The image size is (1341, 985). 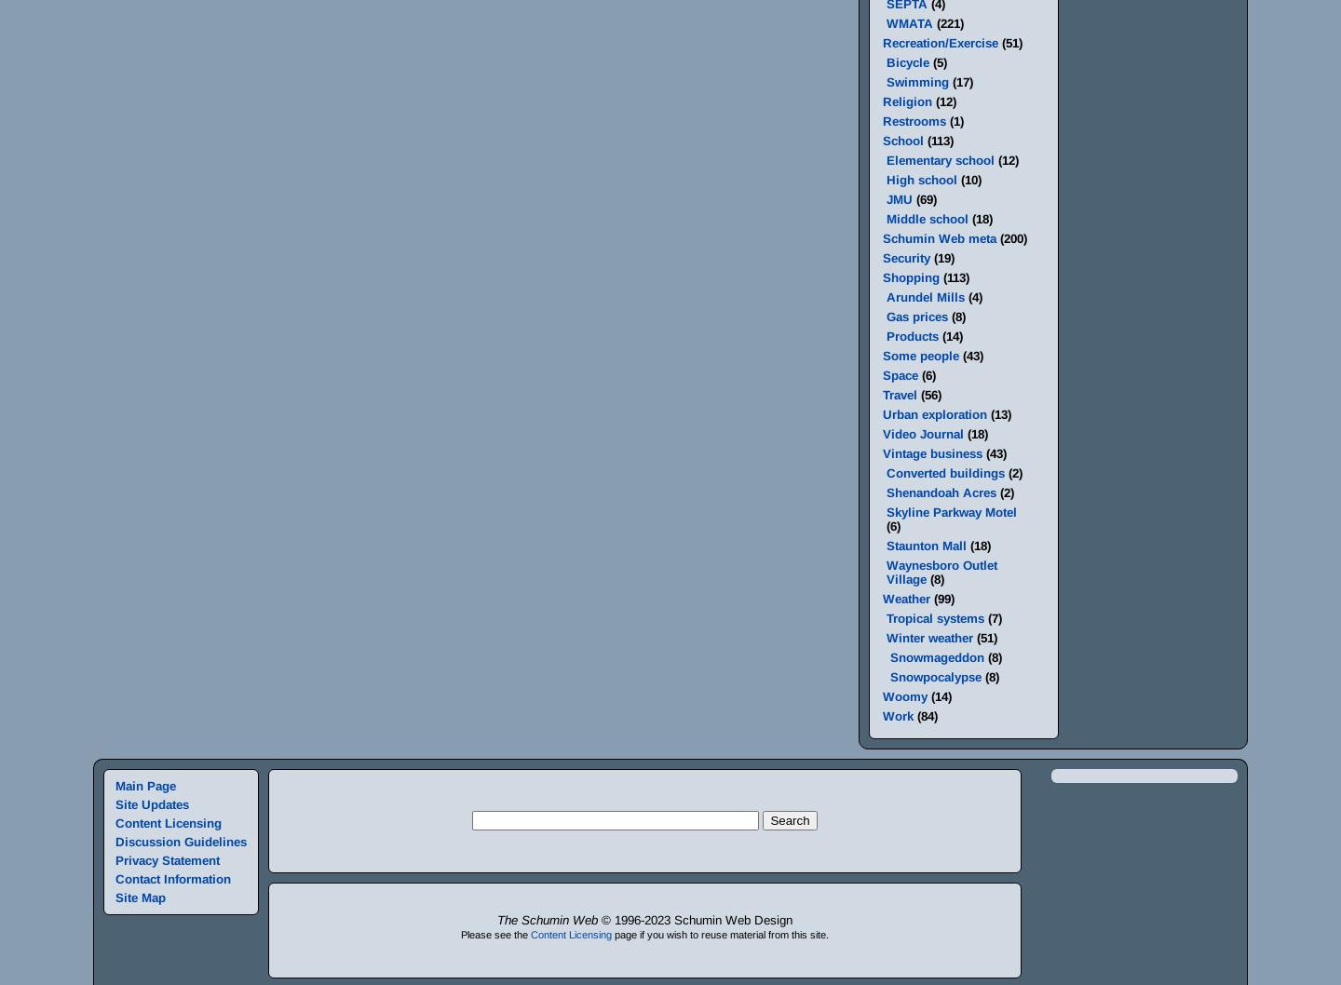 What do you see at coordinates (882, 356) in the screenshot?
I see `'Some people'` at bounding box center [882, 356].